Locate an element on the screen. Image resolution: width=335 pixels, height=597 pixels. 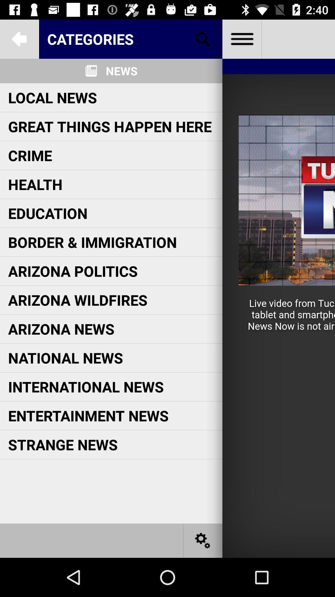
the arrow_backward icon is located at coordinates (19, 39).